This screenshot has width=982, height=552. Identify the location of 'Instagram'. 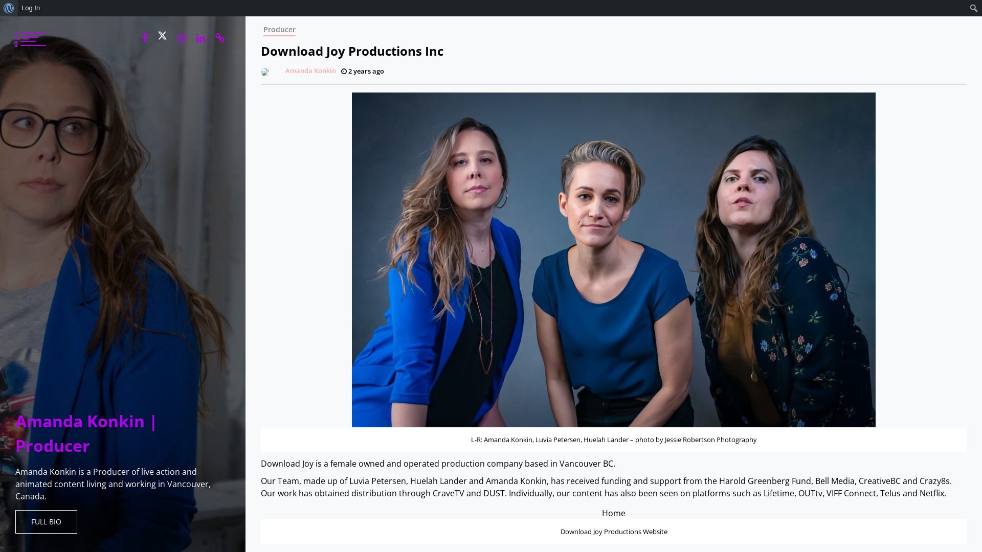
(182, 37).